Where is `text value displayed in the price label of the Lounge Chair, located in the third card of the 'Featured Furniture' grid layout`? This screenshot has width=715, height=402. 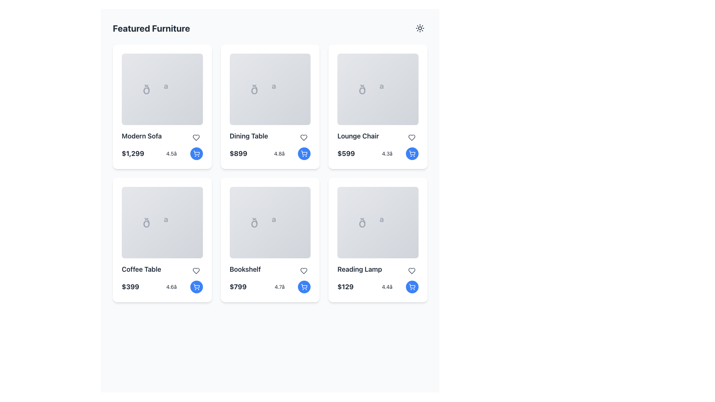 text value displayed in the price label of the Lounge Chair, located in the third card of the 'Featured Furniture' grid layout is located at coordinates (346, 153).